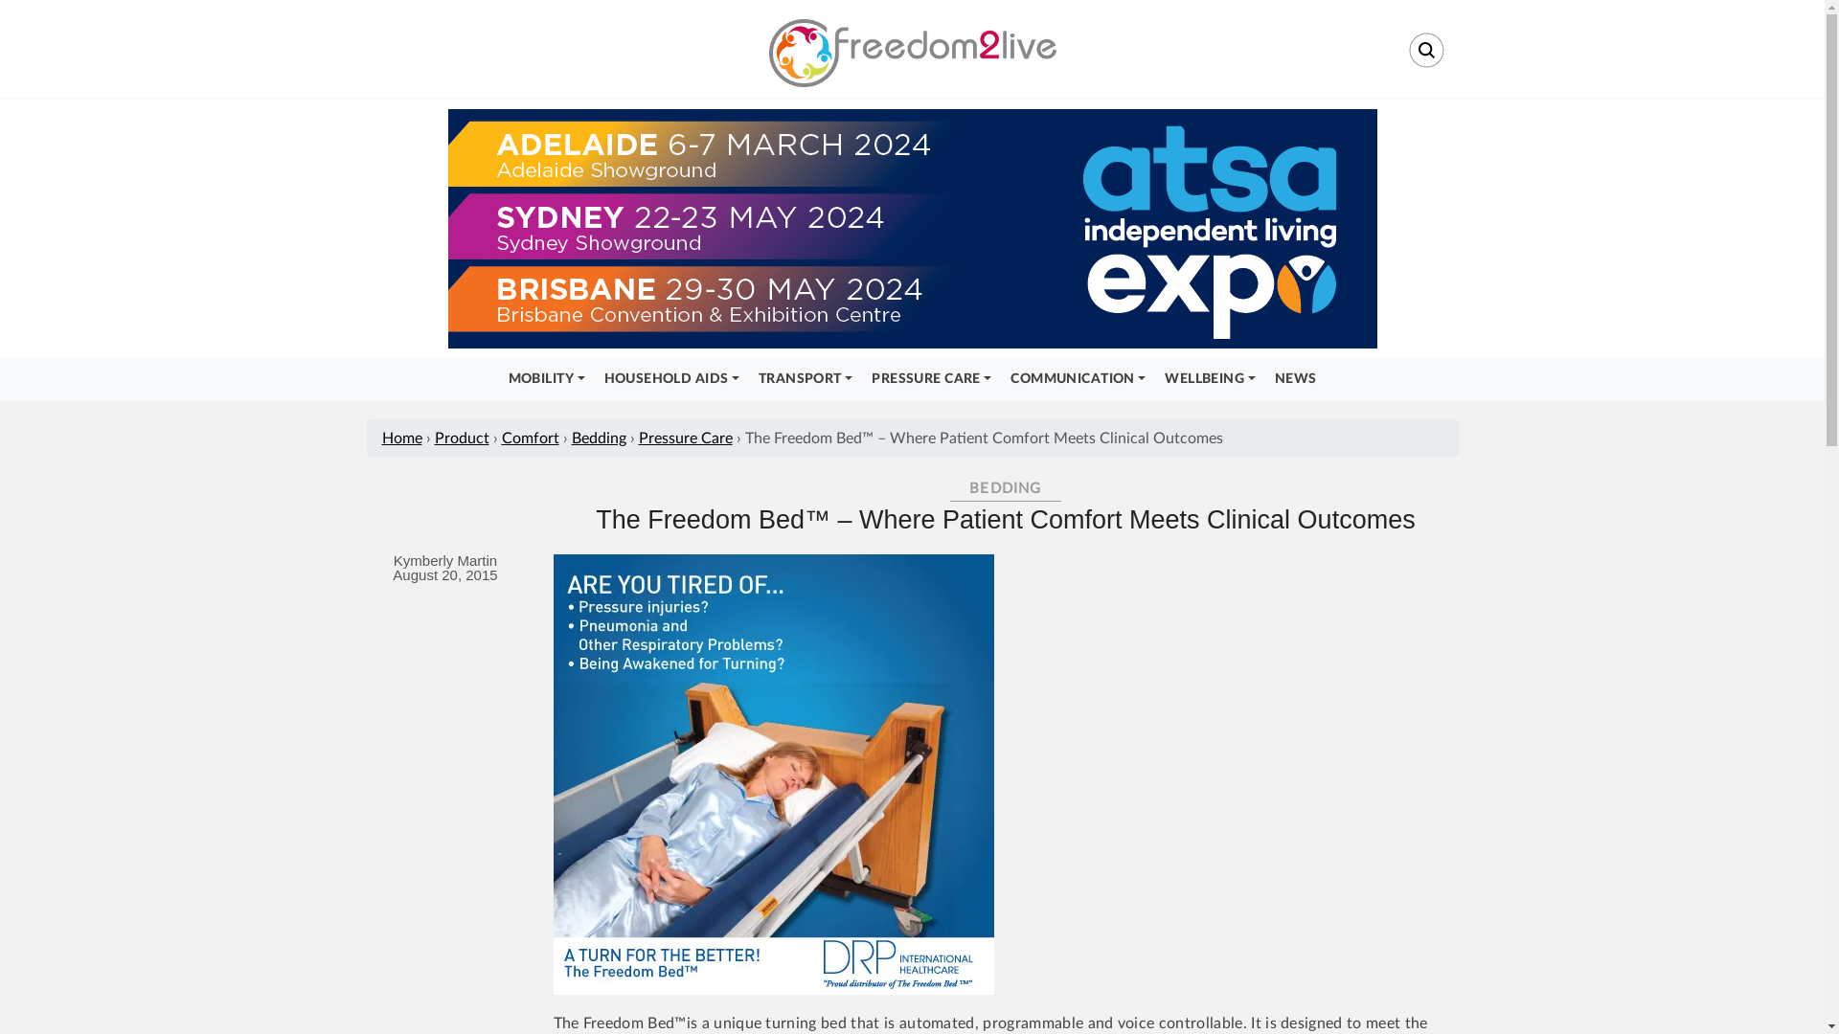 This screenshot has height=1034, width=1839. Describe the element at coordinates (1296, 379) in the screenshot. I see `'NEWS'` at that location.